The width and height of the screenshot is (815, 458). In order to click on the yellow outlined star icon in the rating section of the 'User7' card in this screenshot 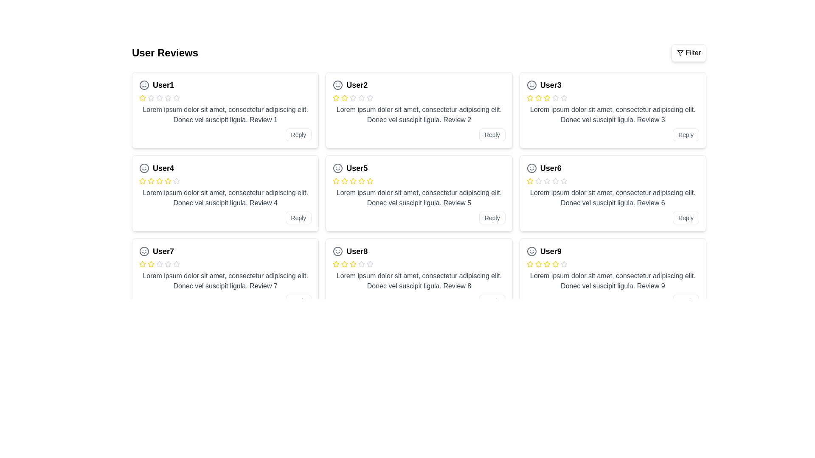, I will do `click(143, 264)`.